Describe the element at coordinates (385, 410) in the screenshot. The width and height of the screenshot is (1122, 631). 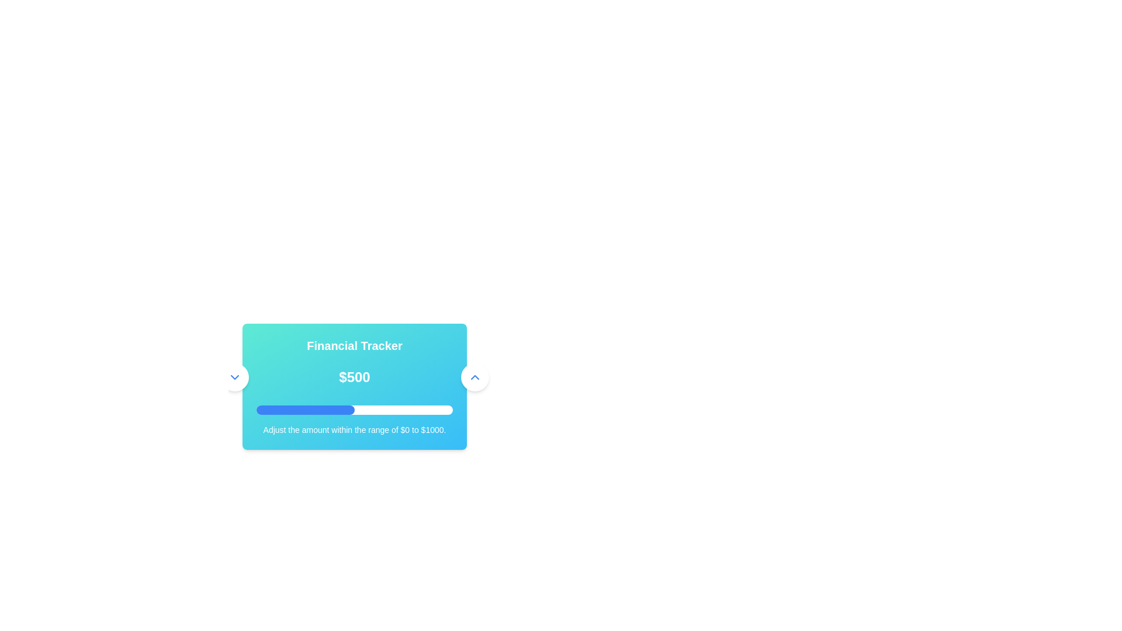
I see `the slider` at that location.